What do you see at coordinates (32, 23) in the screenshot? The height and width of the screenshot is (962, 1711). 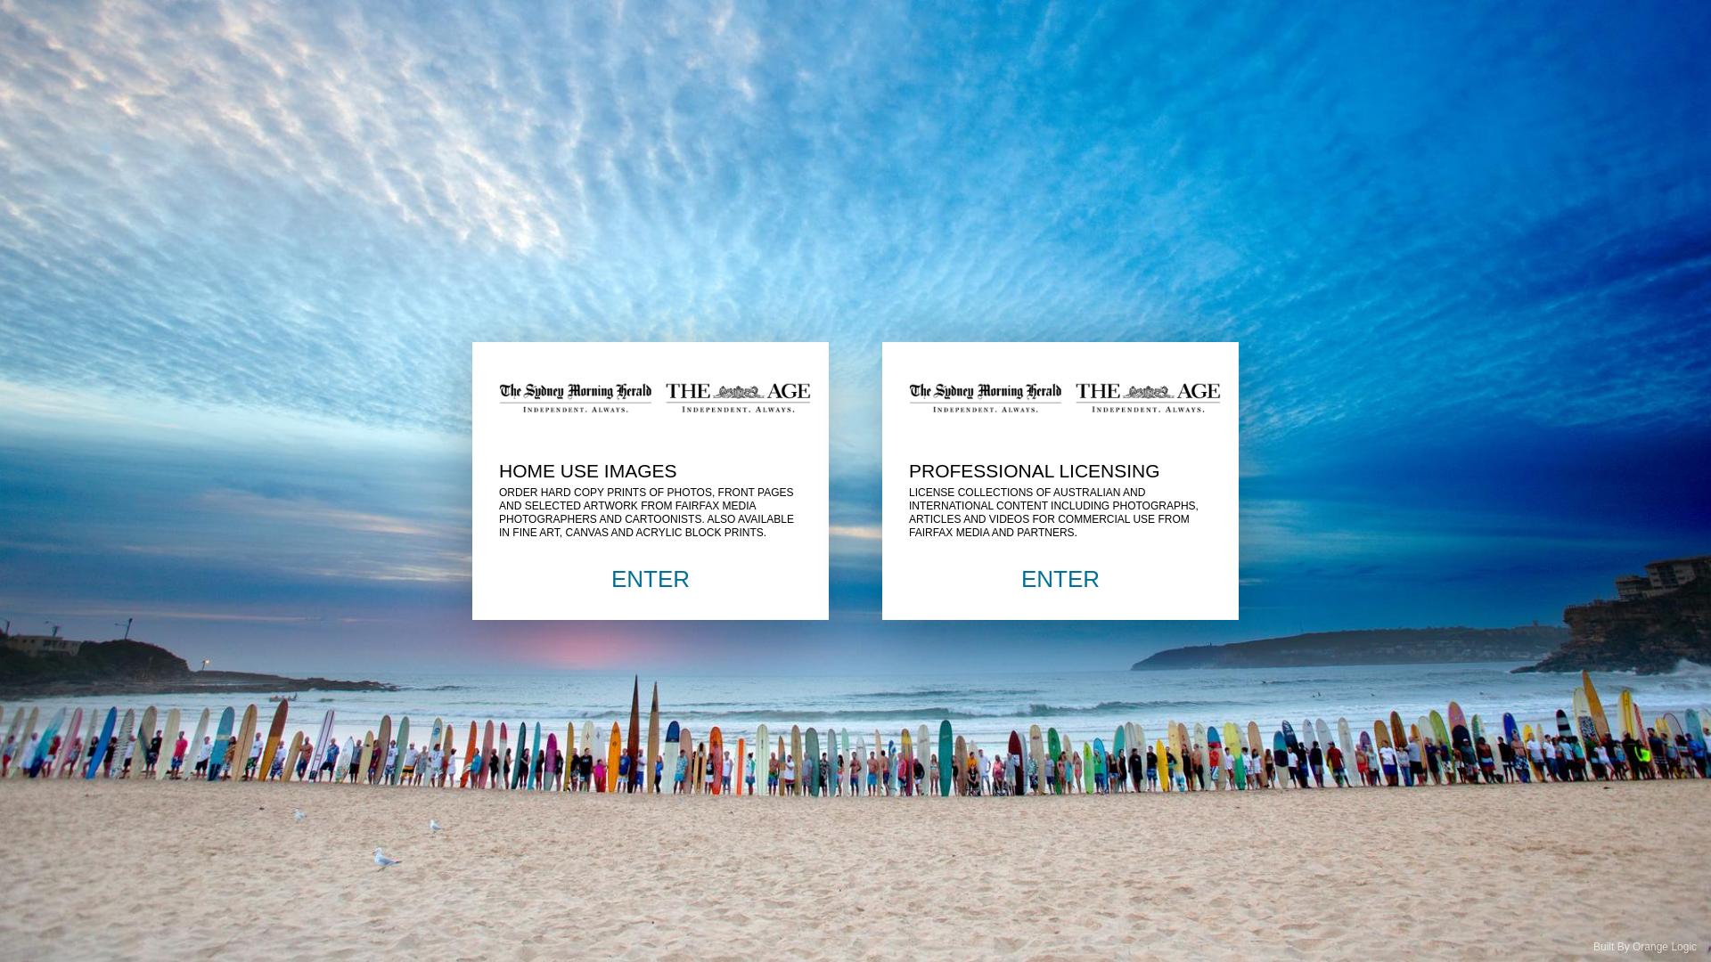 I see `'Show keyboard shortcuts'` at bounding box center [32, 23].